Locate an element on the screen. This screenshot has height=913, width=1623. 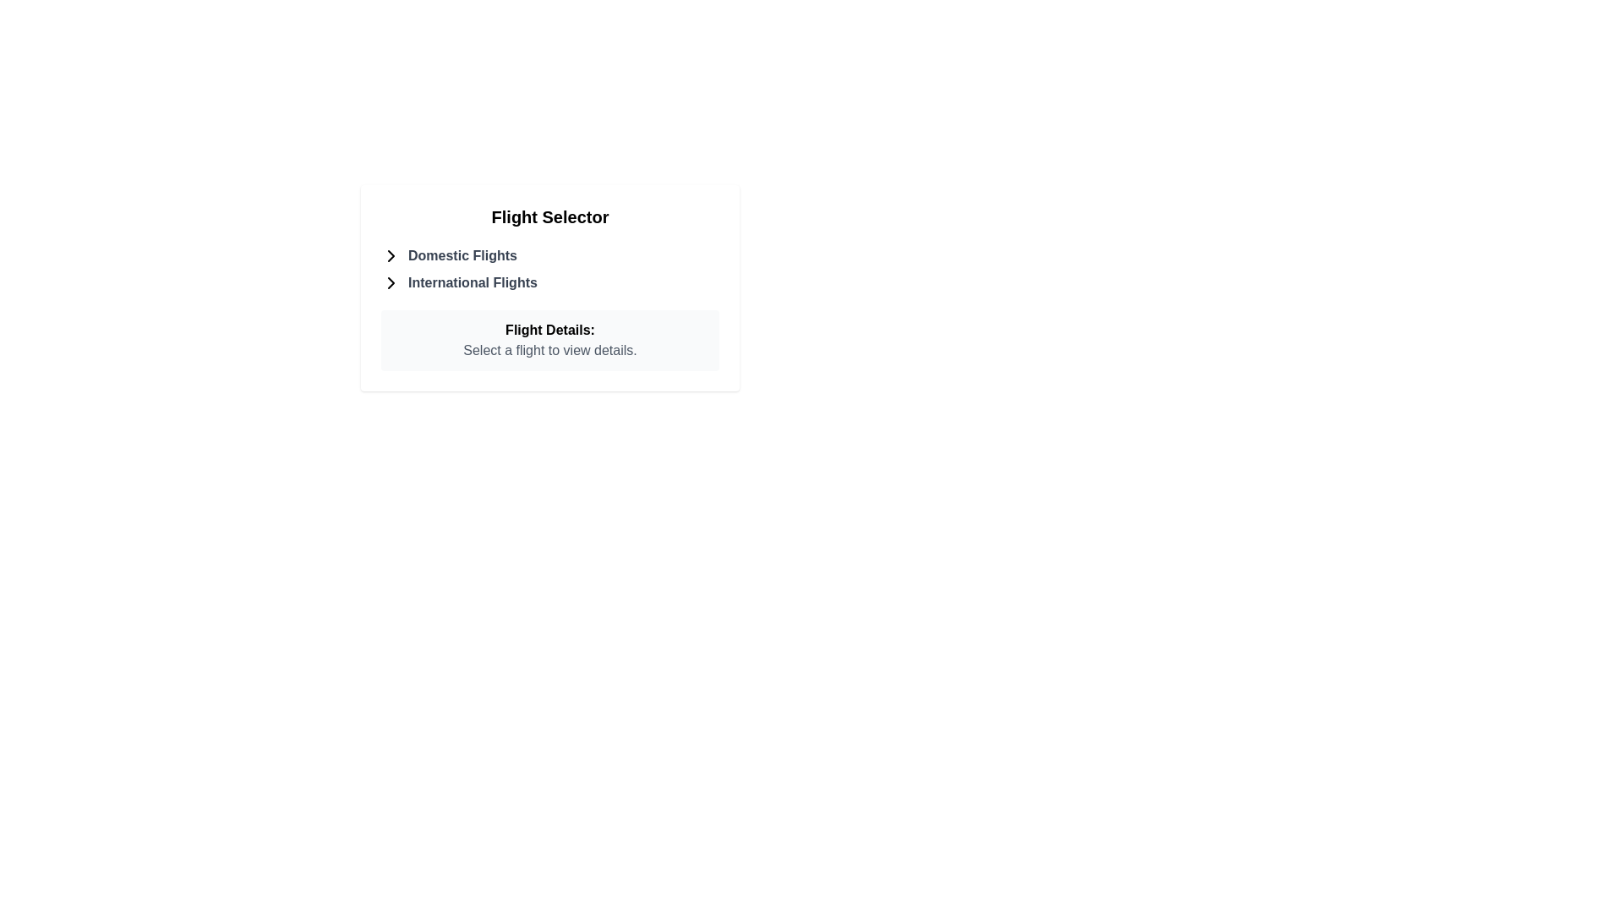
the right-pointing chevron icon located to the left of the text 'Domestic Flights' is located at coordinates (390, 256).